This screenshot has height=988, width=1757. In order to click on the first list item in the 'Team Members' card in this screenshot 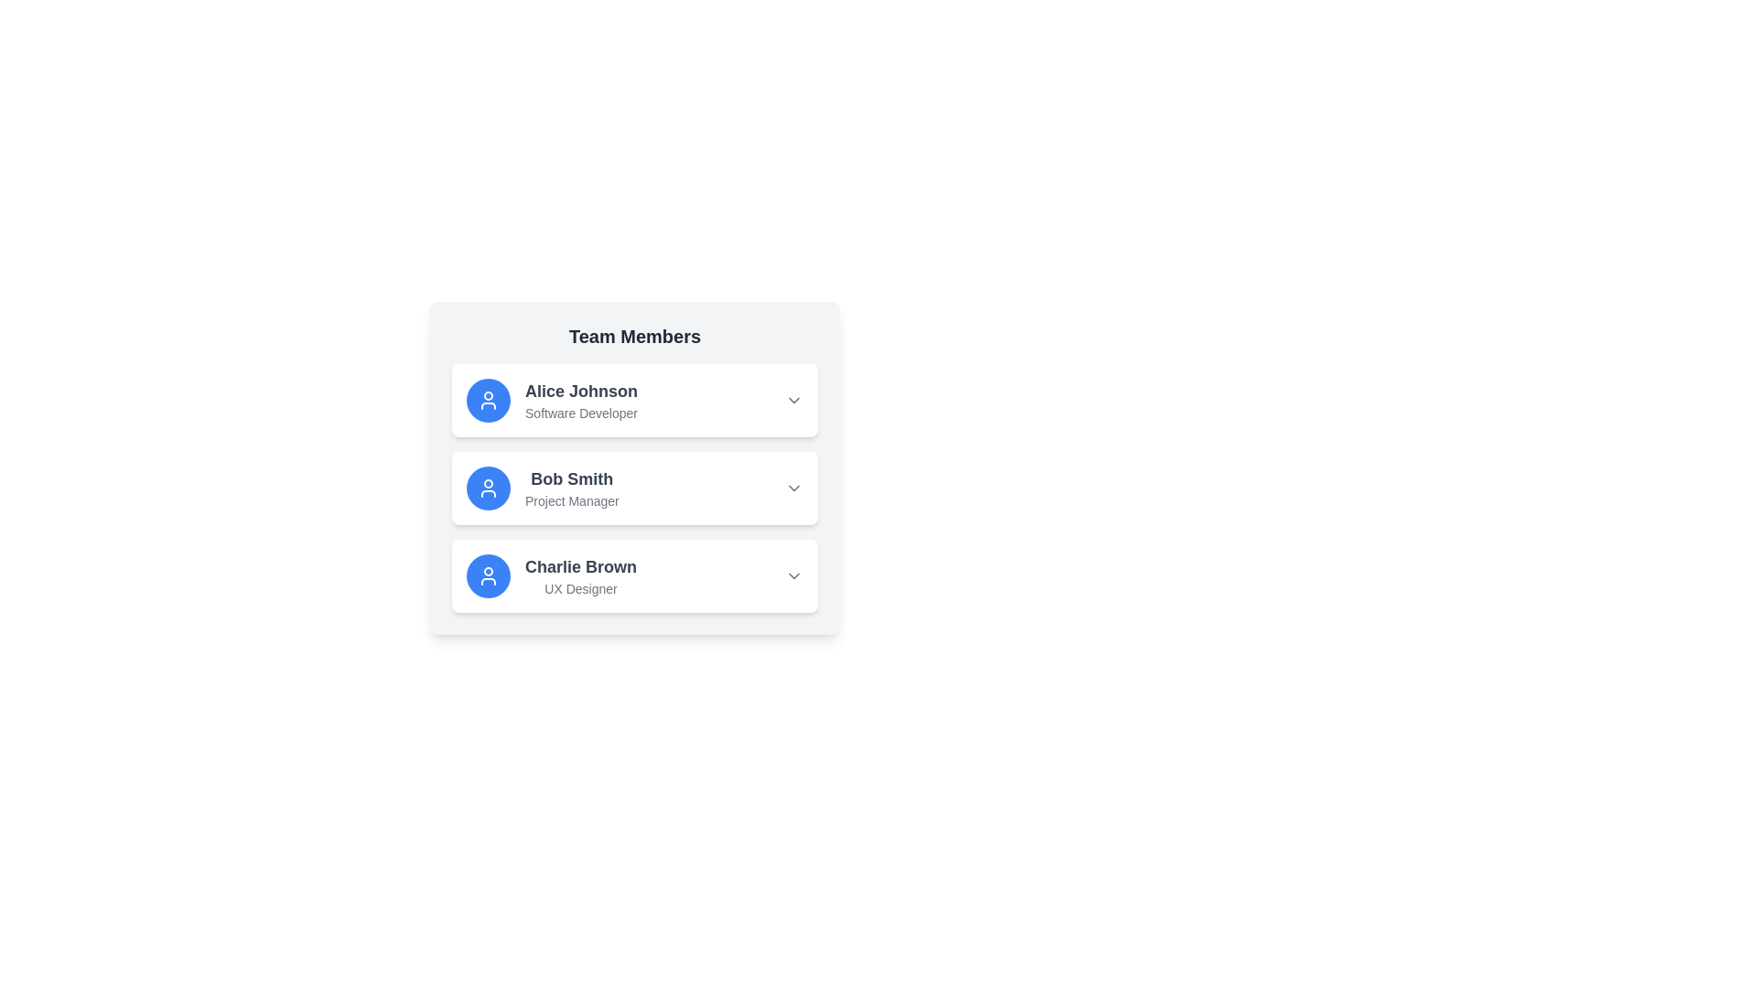, I will do `click(635, 400)`.